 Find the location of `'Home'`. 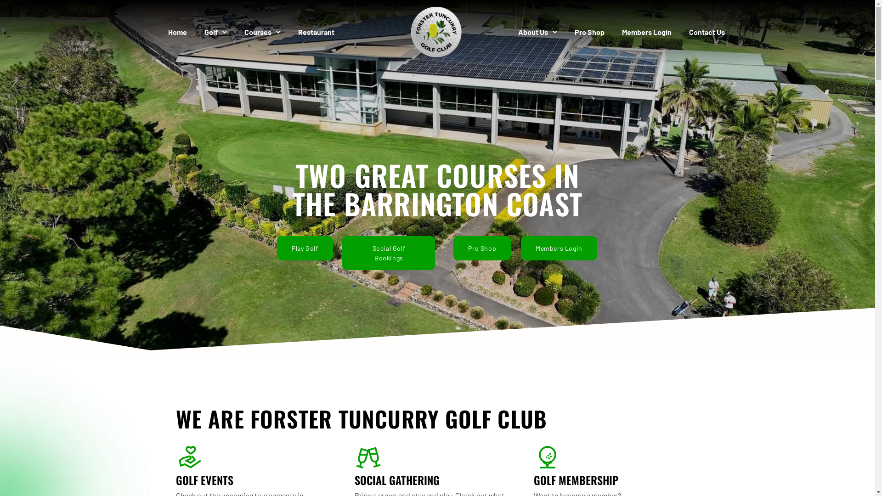

'Home' is located at coordinates (177, 31).